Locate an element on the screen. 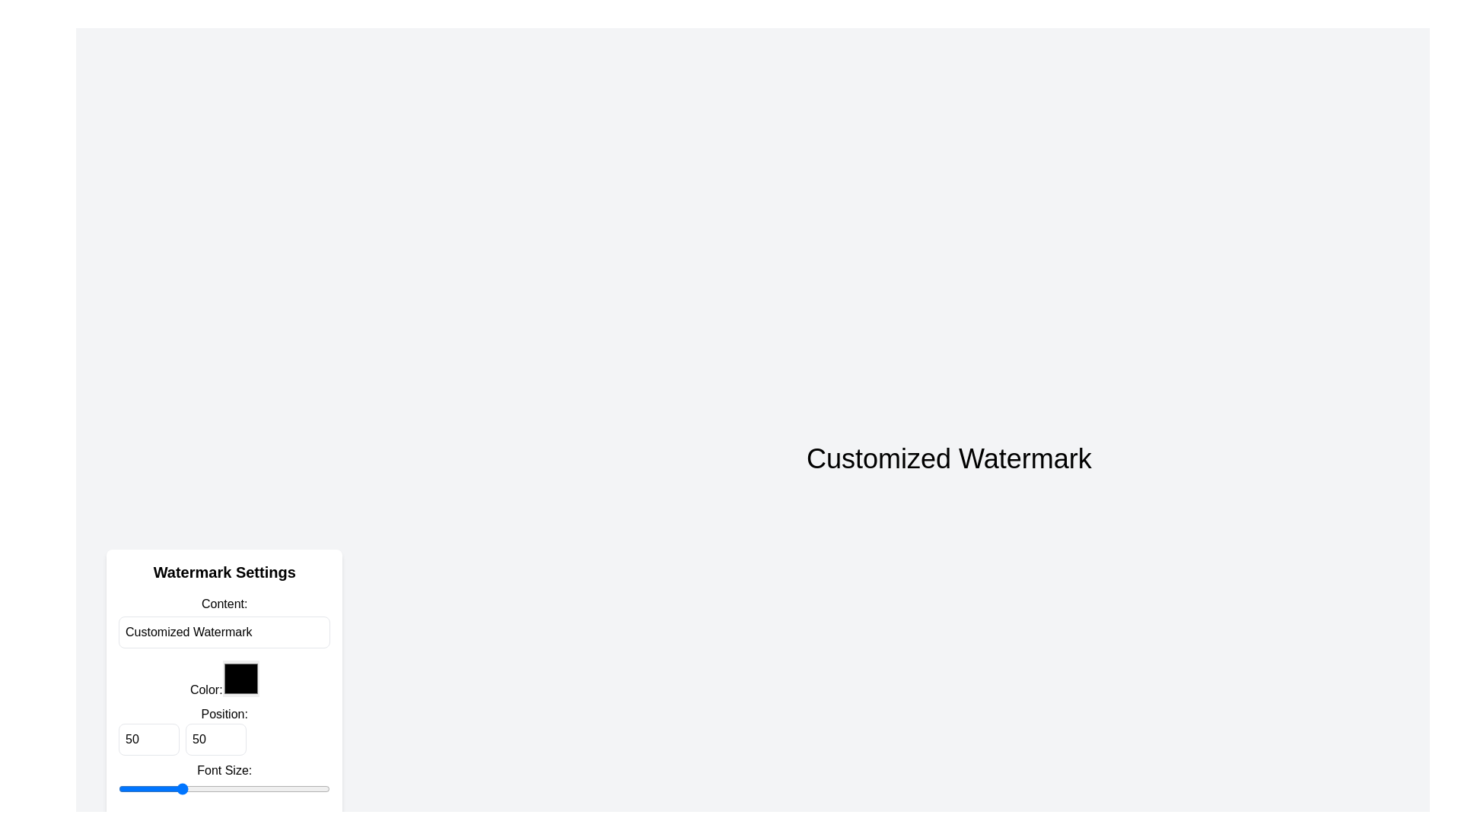  the font size is located at coordinates (154, 788).